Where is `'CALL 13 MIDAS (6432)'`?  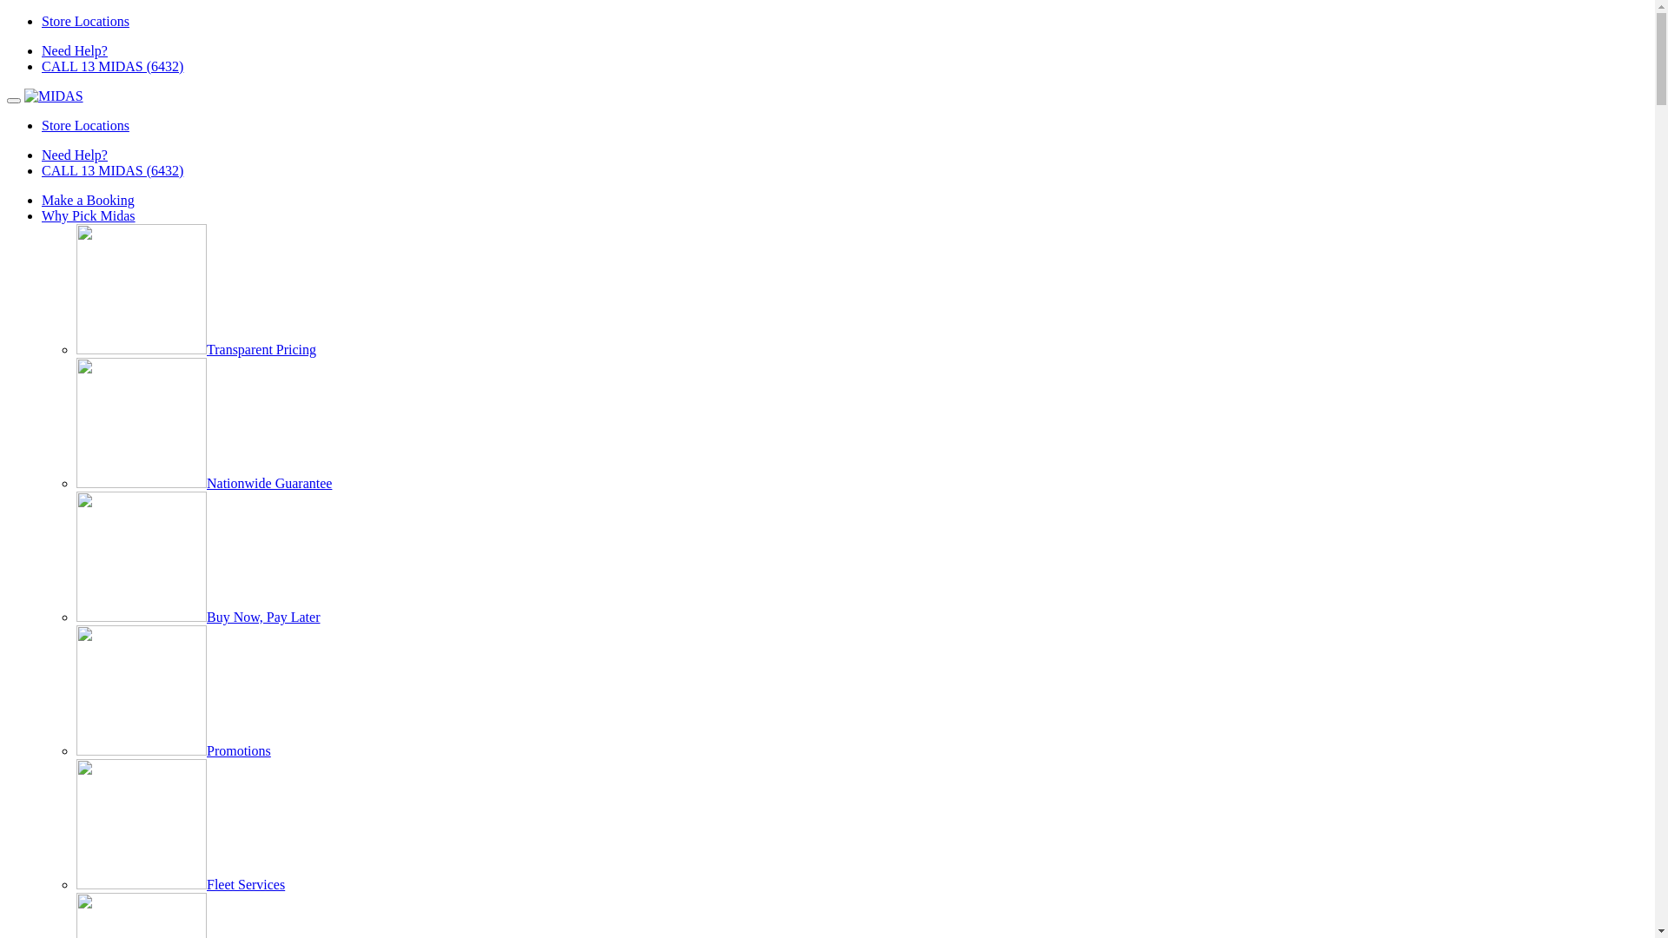 'CALL 13 MIDAS (6432)' is located at coordinates (111, 65).